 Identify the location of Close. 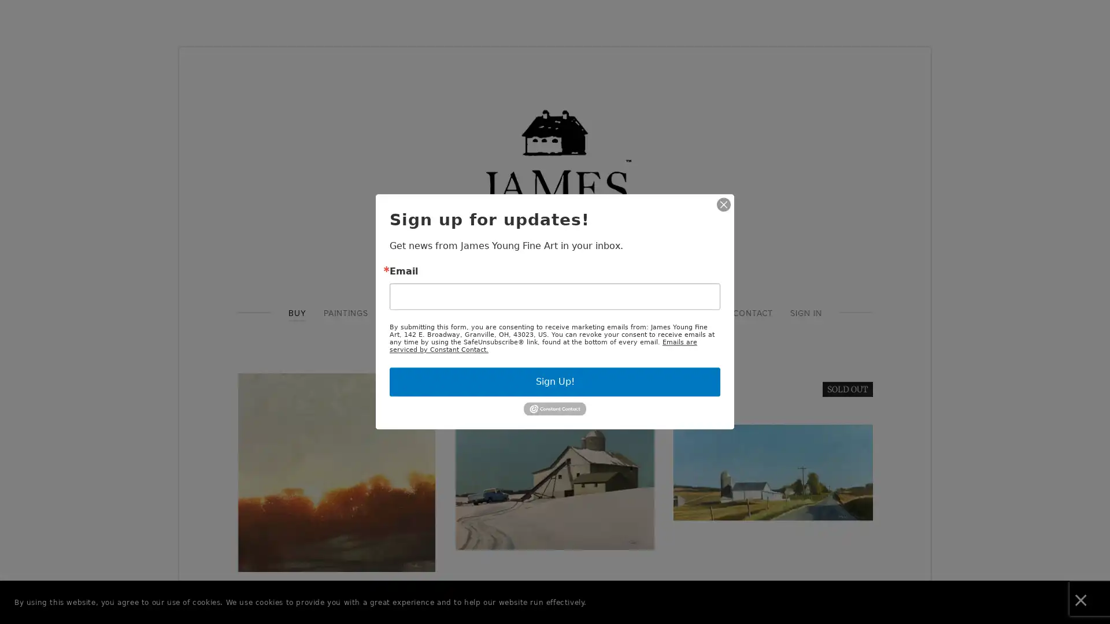
(723, 204).